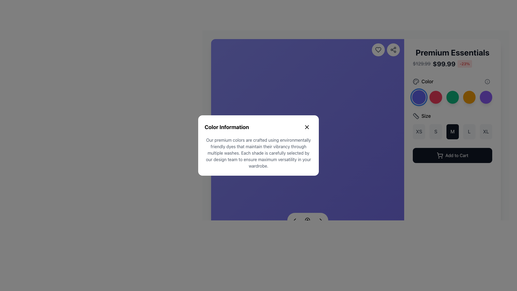 This screenshot has height=291, width=517. What do you see at coordinates (227, 127) in the screenshot?
I see `static text label at the top of the modal that summarizes its content regarding colors` at bounding box center [227, 127].